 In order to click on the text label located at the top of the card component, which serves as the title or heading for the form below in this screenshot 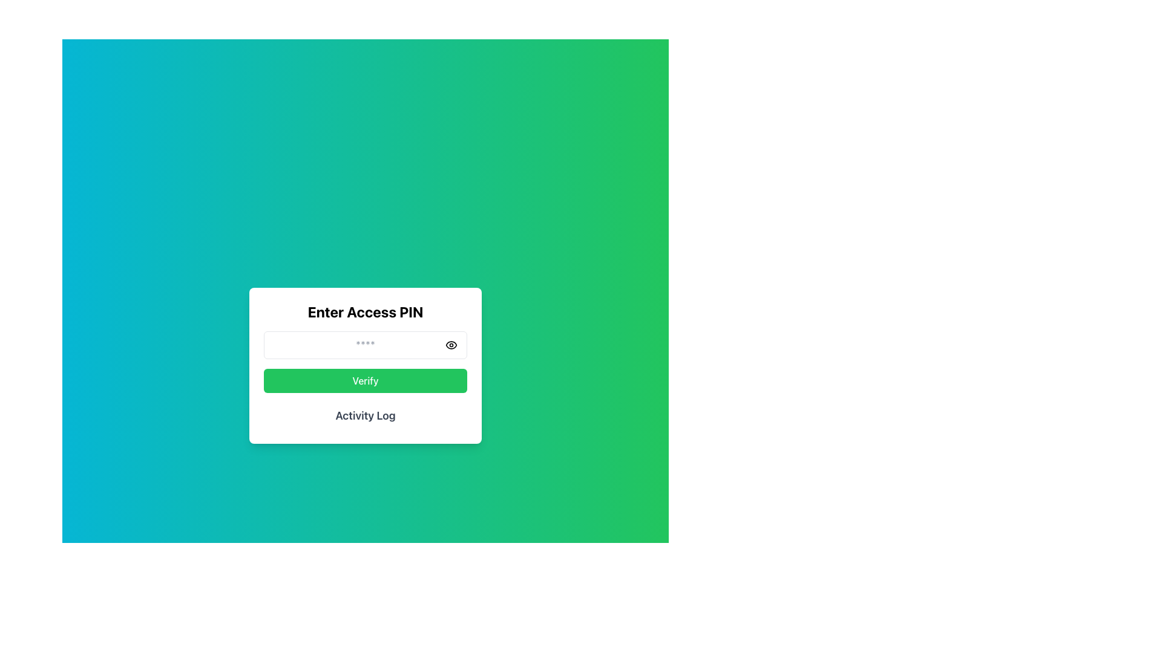, I will do `click(365, 311)`.